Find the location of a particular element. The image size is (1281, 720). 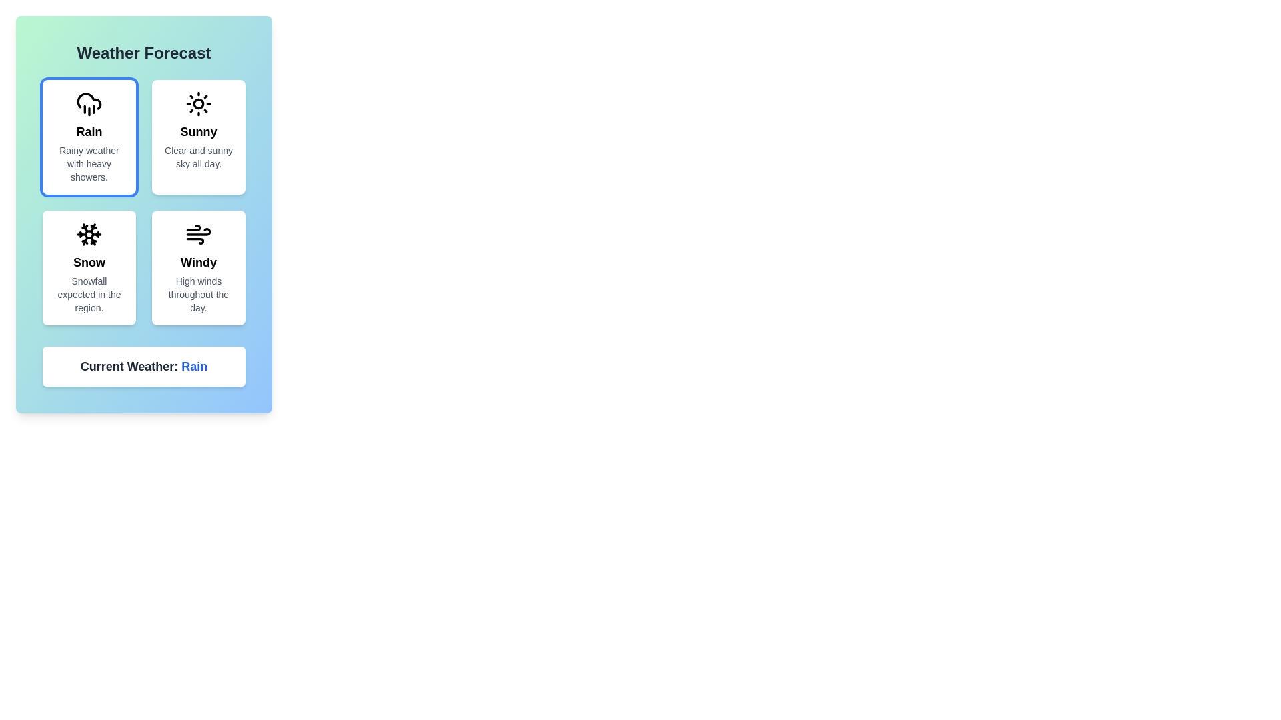

the central circular part of the sun icon in the Sunny card of the Weather Forecast section, which is located above the text 'Sunny' in the second card from the left is located at coordinates (197, 103).